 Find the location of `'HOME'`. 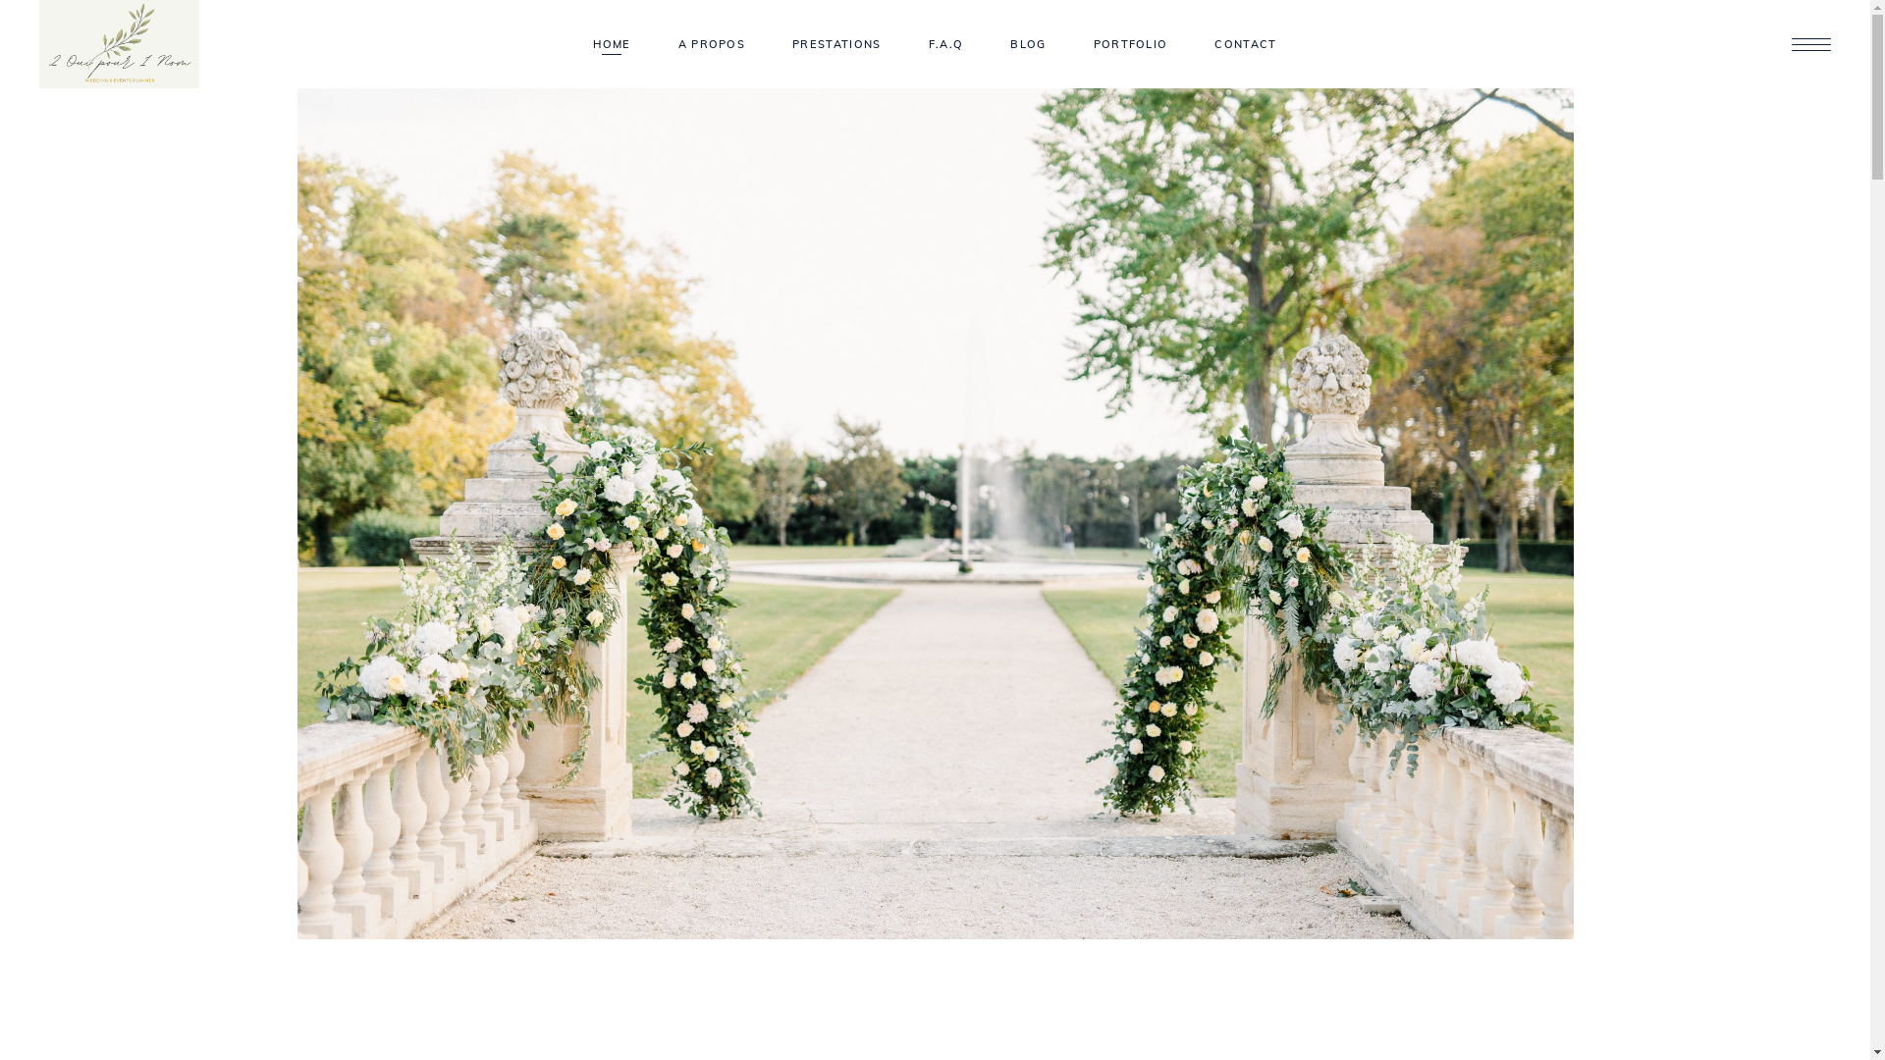

'HOME' is located at coordinates (568, 44).